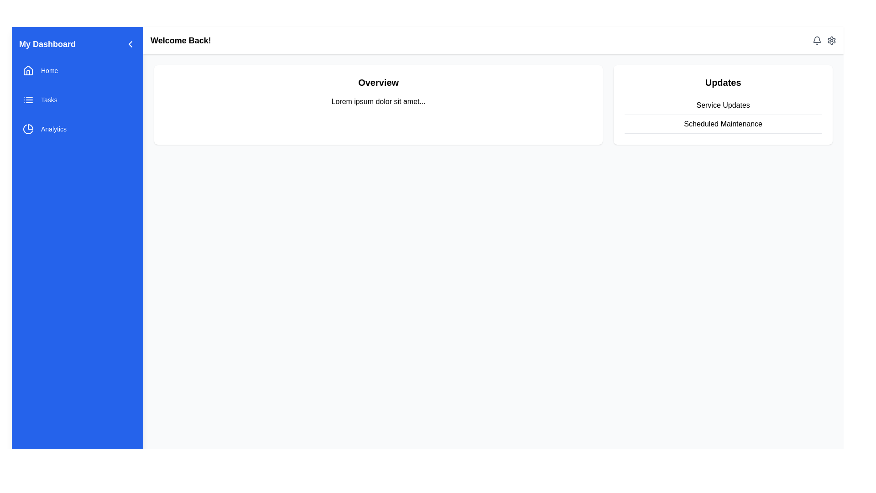 This screenshot has width=876, height=493. Describe the element at coordinates (28, 129) in the screenshot. I see `the pie chart icon located in the vertical navigation menu, positioned between the 'Tasks' menu item and the 'Analytics' label` at that location.